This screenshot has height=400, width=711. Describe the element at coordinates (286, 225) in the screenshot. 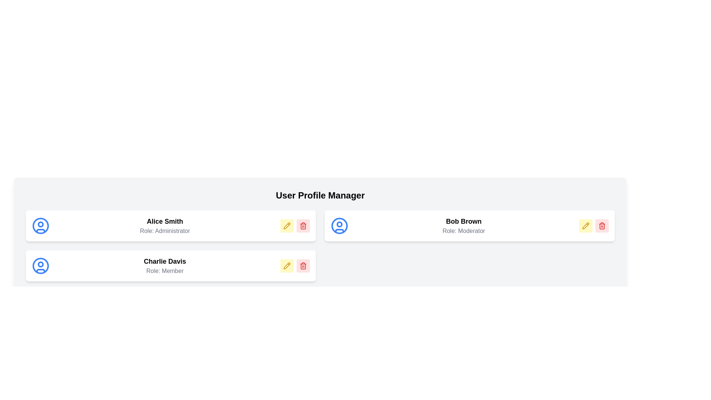

I see `the yellow circular button containing the pencil icon beside the text 'Alice Smith Role: Administrator'` at that location.